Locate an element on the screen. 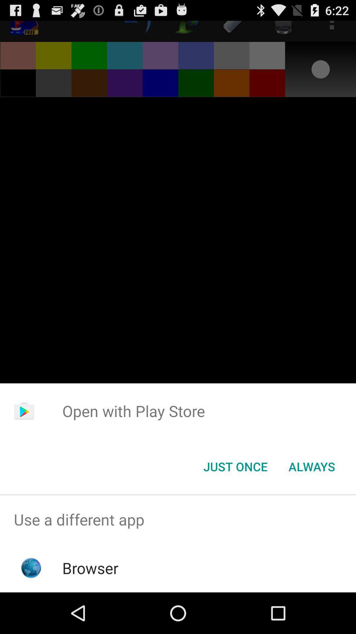  browser app is located at coordinates (90, 568).